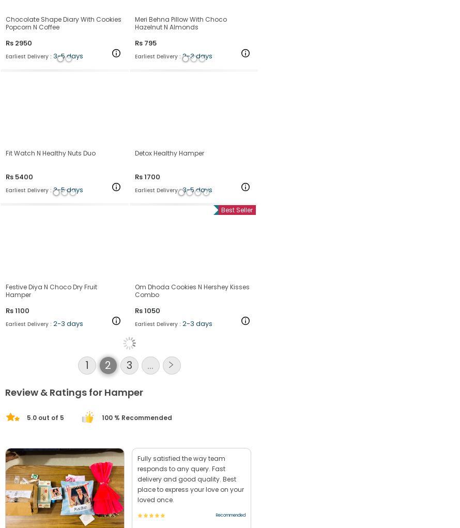  What do you see at coordinates (237, 260) in the screenshot?
I see `'Best Seller'` at bounding box center [237, 260].